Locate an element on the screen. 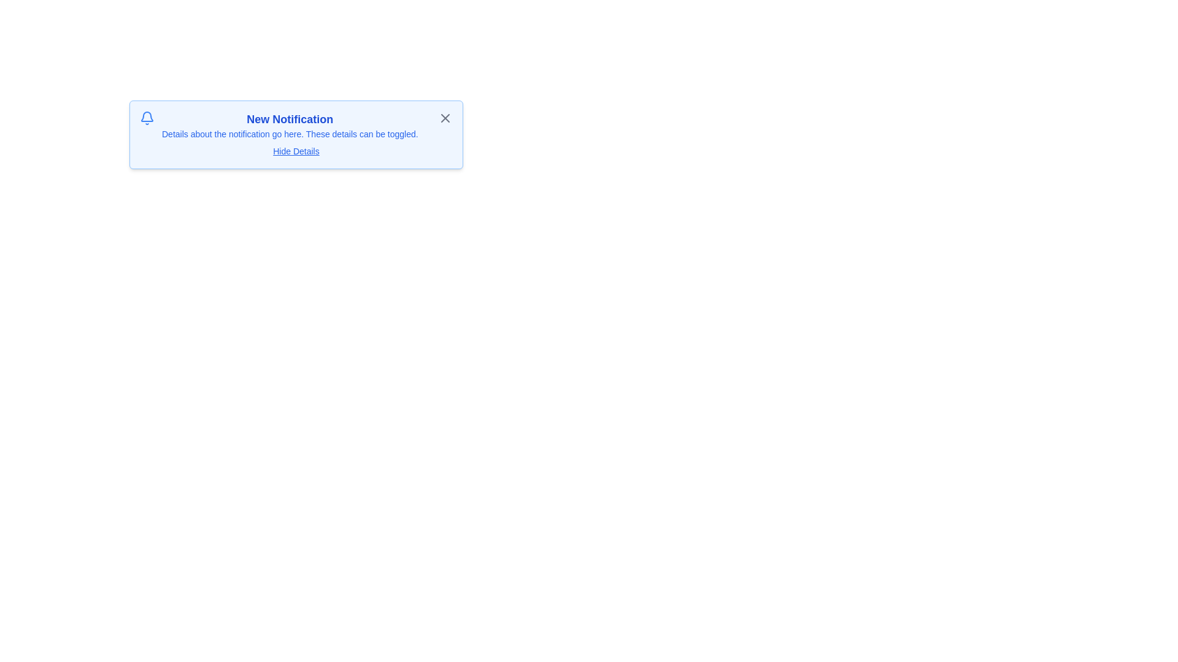 This screenshot has height=662, width=1178. the 'Hide Details' button to toggle the visibility of the details section is located at coordinates (295, 150).